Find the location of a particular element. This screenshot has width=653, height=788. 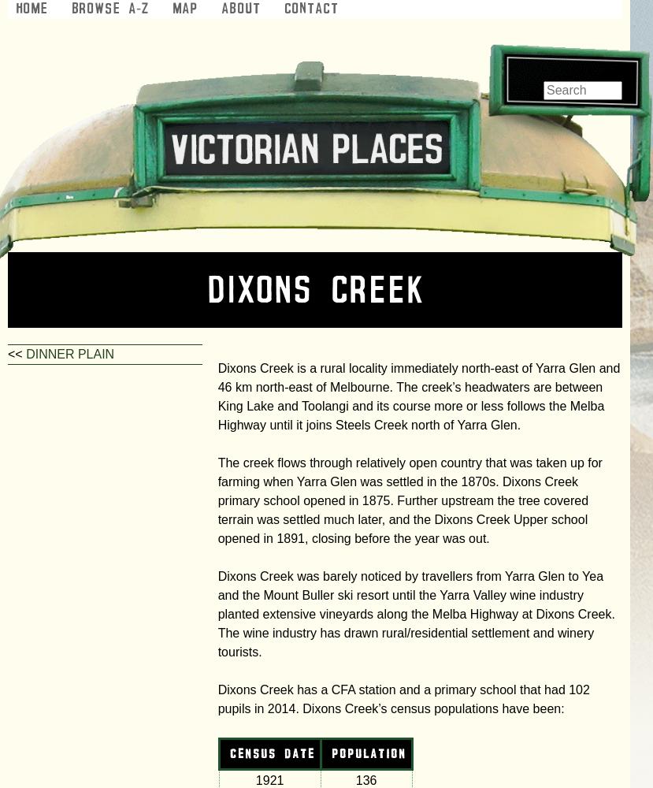

'census date' is located at coordinates (228, 753).